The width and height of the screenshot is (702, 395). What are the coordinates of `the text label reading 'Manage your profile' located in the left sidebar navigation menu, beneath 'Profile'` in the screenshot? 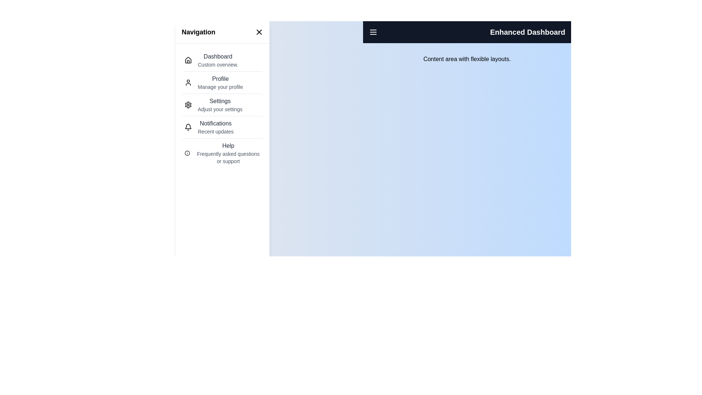 It's located at (220, 87).